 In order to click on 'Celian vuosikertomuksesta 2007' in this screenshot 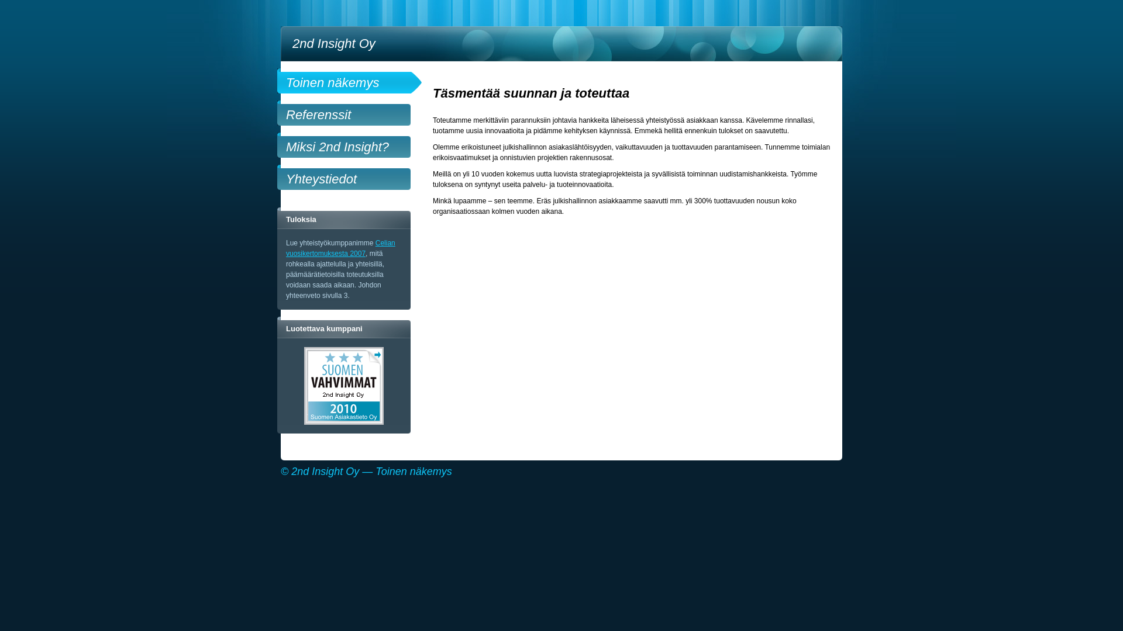, I will do `click(340, 247)`.